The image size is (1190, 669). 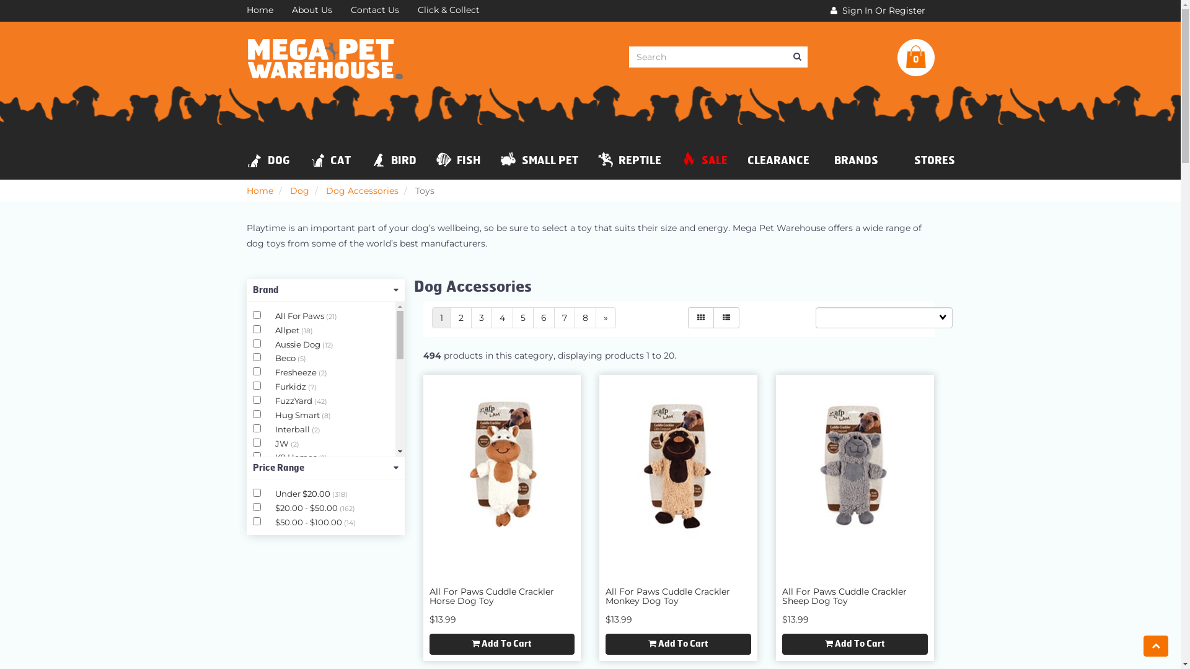 What do you see at coordinates (288, 329) in the screenshot?
I see `'Allpet'` at bounding box center [288, 329].